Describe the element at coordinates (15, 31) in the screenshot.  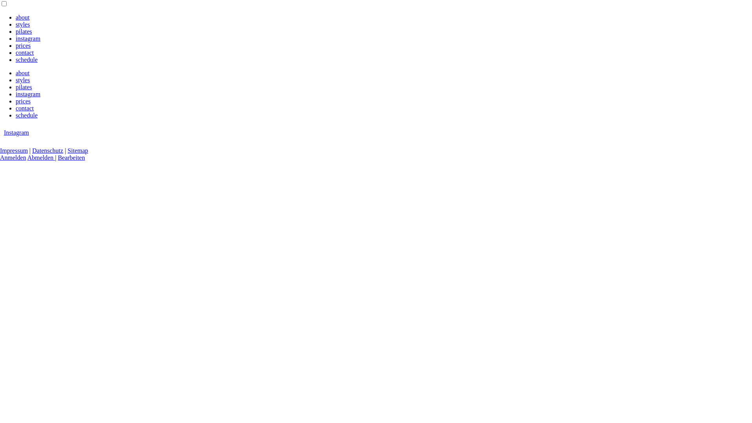
I see `'pilates'` at that location.